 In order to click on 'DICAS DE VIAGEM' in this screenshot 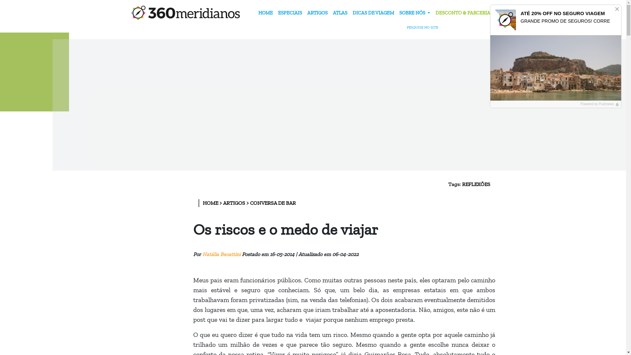, I will do `click(373, 13)`.